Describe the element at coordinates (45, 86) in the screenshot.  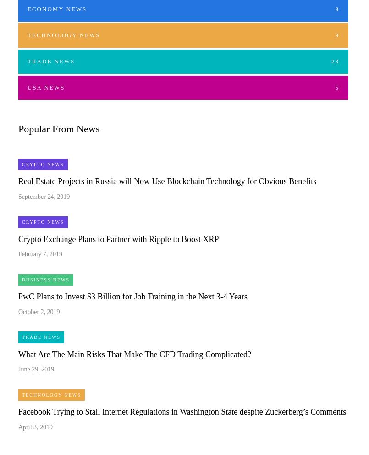
I see `'USA News'` at that location.